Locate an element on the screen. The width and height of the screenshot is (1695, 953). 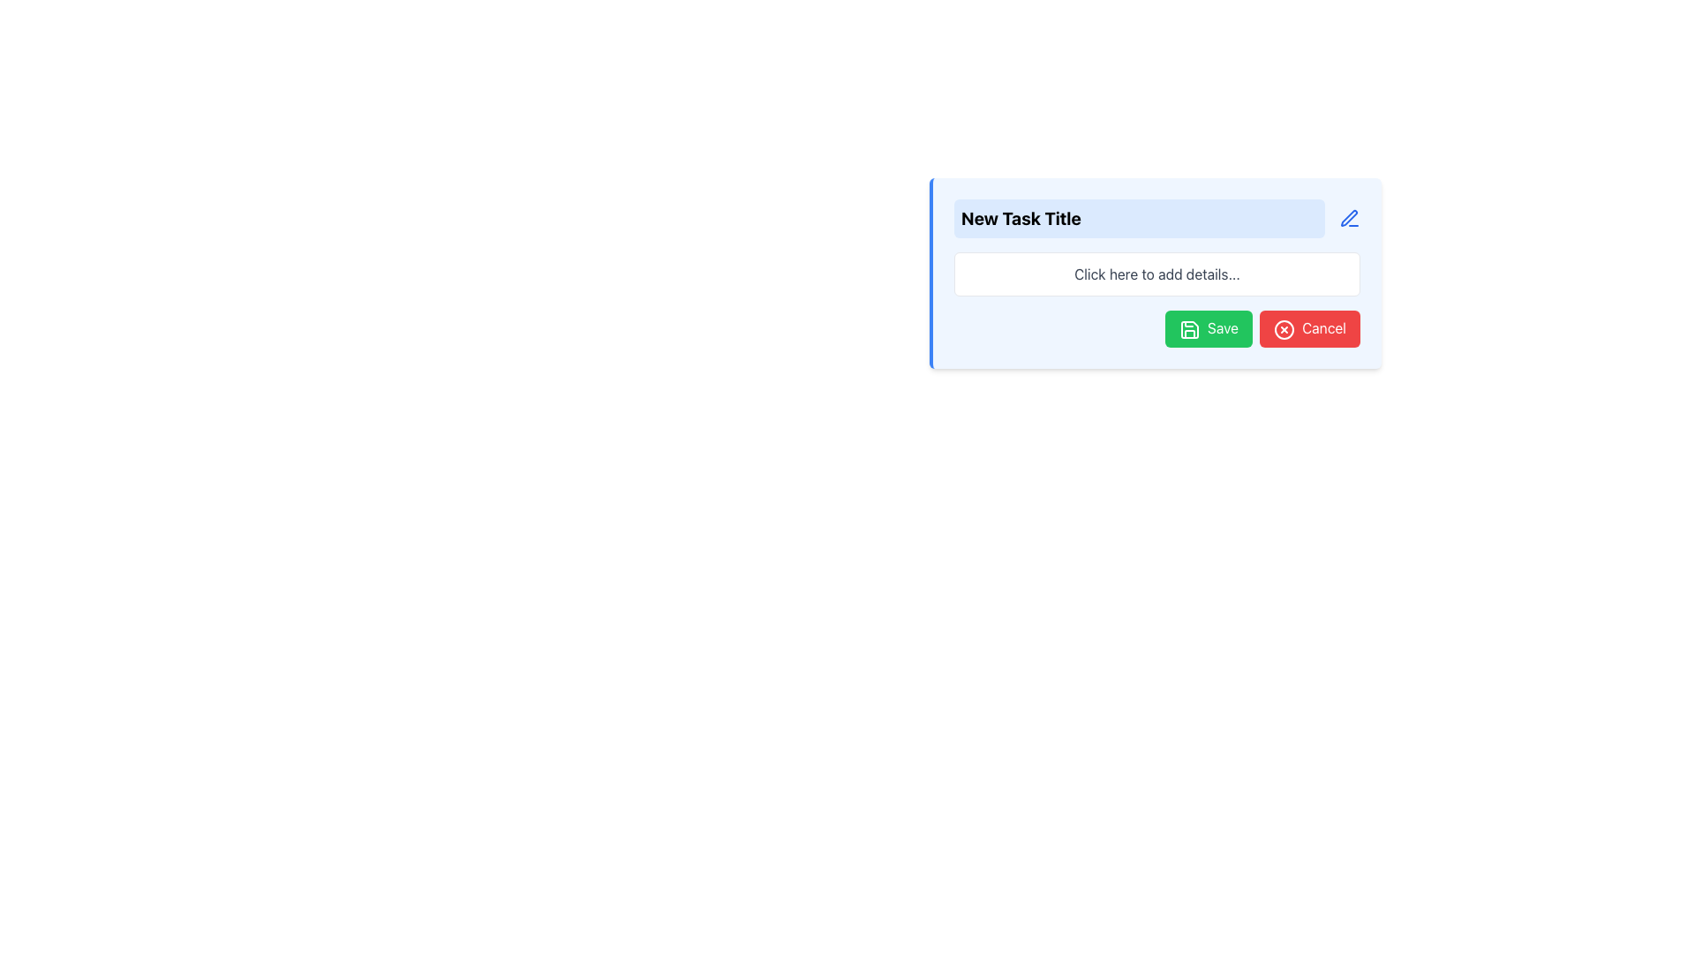
the rectangular text input field with placeholder text 'Click here to add details...' is located at coordinates (1156, 274).